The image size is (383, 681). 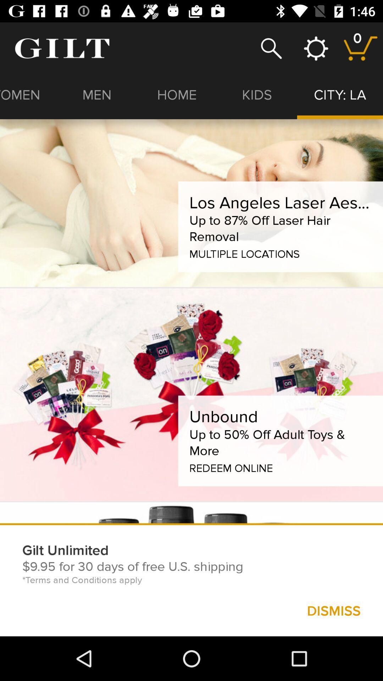 What do you see at coordinates (361, 48) in the screenshot?
I see `stored selected item` at bounding box center [361, 48].